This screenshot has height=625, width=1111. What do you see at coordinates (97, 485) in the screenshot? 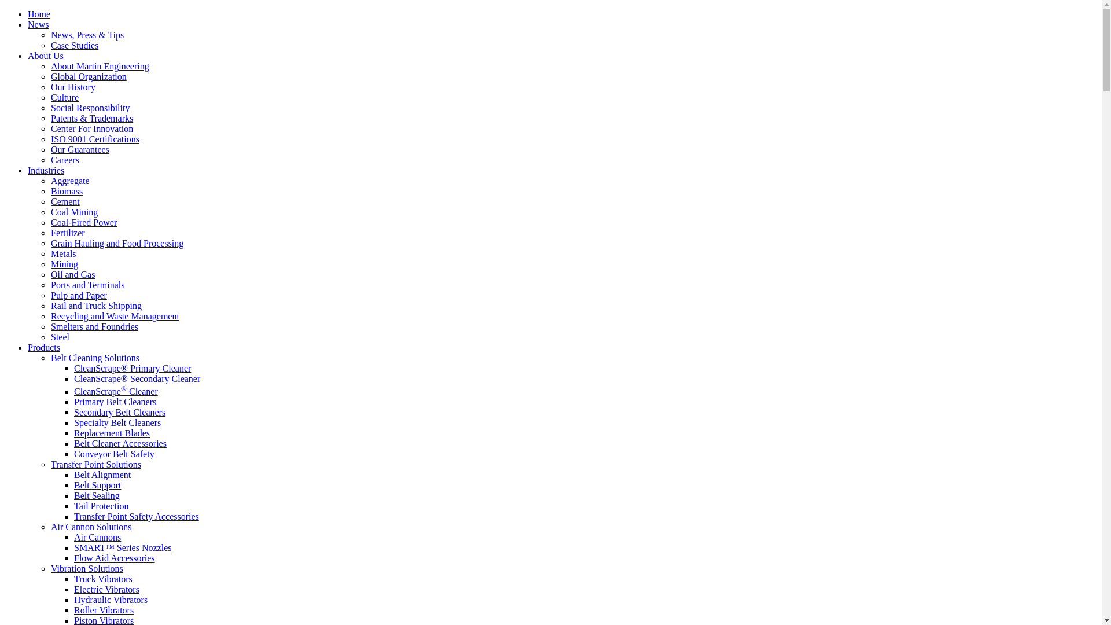
I see `'Belt Support'` at bounding box center [97, 485].